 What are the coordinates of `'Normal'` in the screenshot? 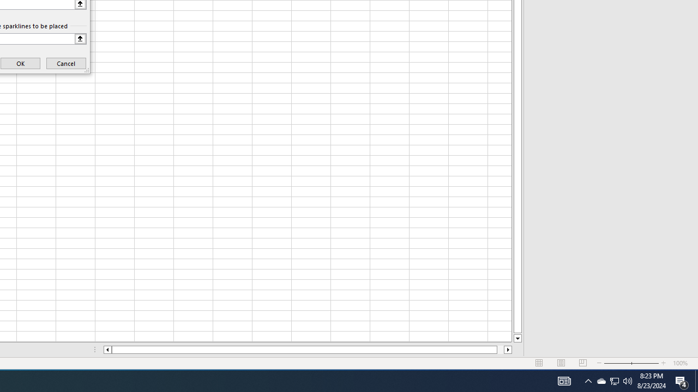 It's located at (539, 363).